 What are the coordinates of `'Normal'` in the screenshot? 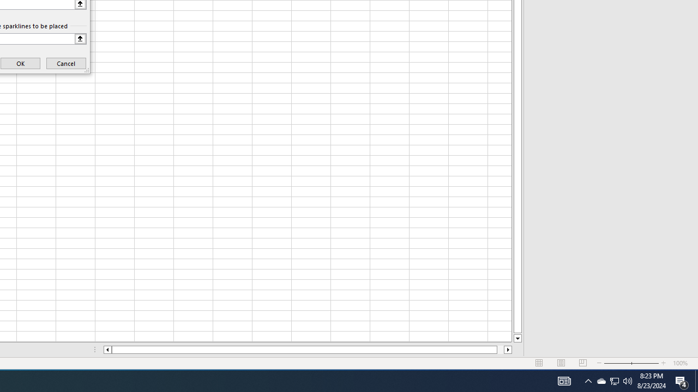 It's located at (539, 363).